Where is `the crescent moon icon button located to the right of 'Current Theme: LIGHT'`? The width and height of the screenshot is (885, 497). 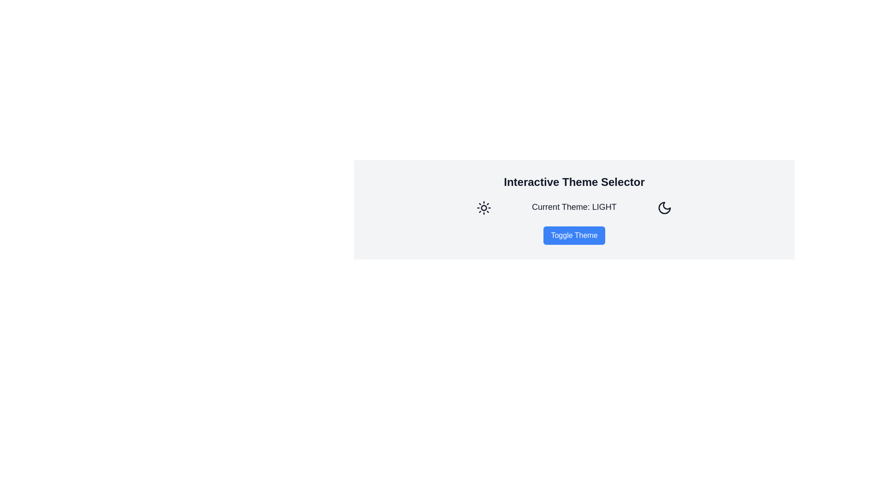
the crescent moon icon button located to the right of 'Current Theme: LIGHT' is located at coordinates (664, 208).